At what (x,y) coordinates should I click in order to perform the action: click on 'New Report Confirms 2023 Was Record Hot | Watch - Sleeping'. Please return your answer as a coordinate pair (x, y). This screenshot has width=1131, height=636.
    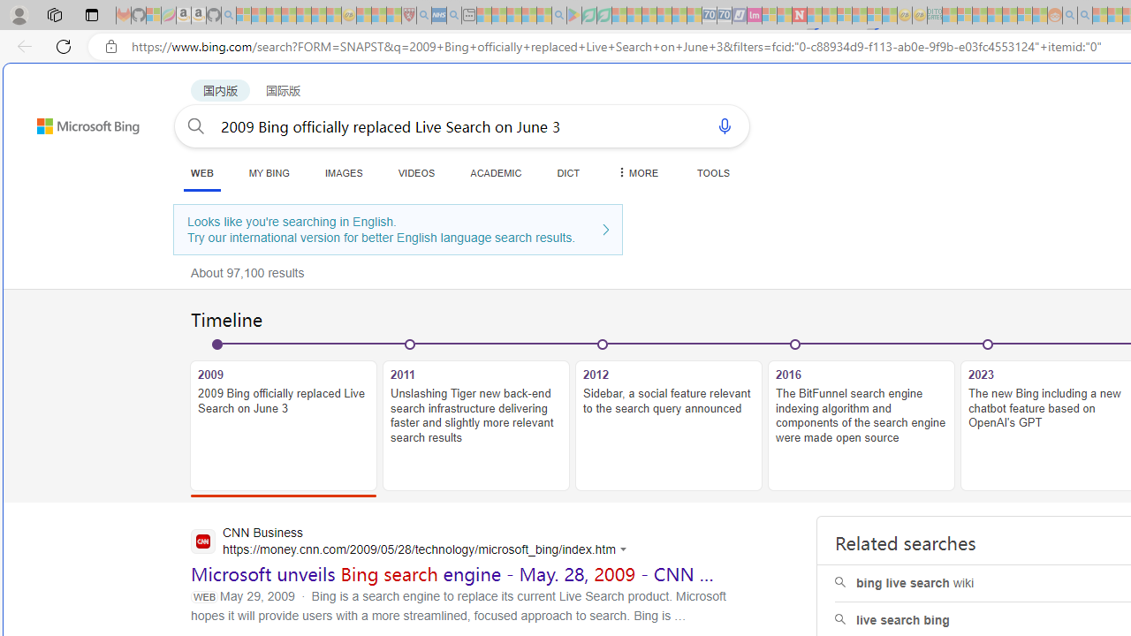
    Looking at the image, I should click on (303, 15).